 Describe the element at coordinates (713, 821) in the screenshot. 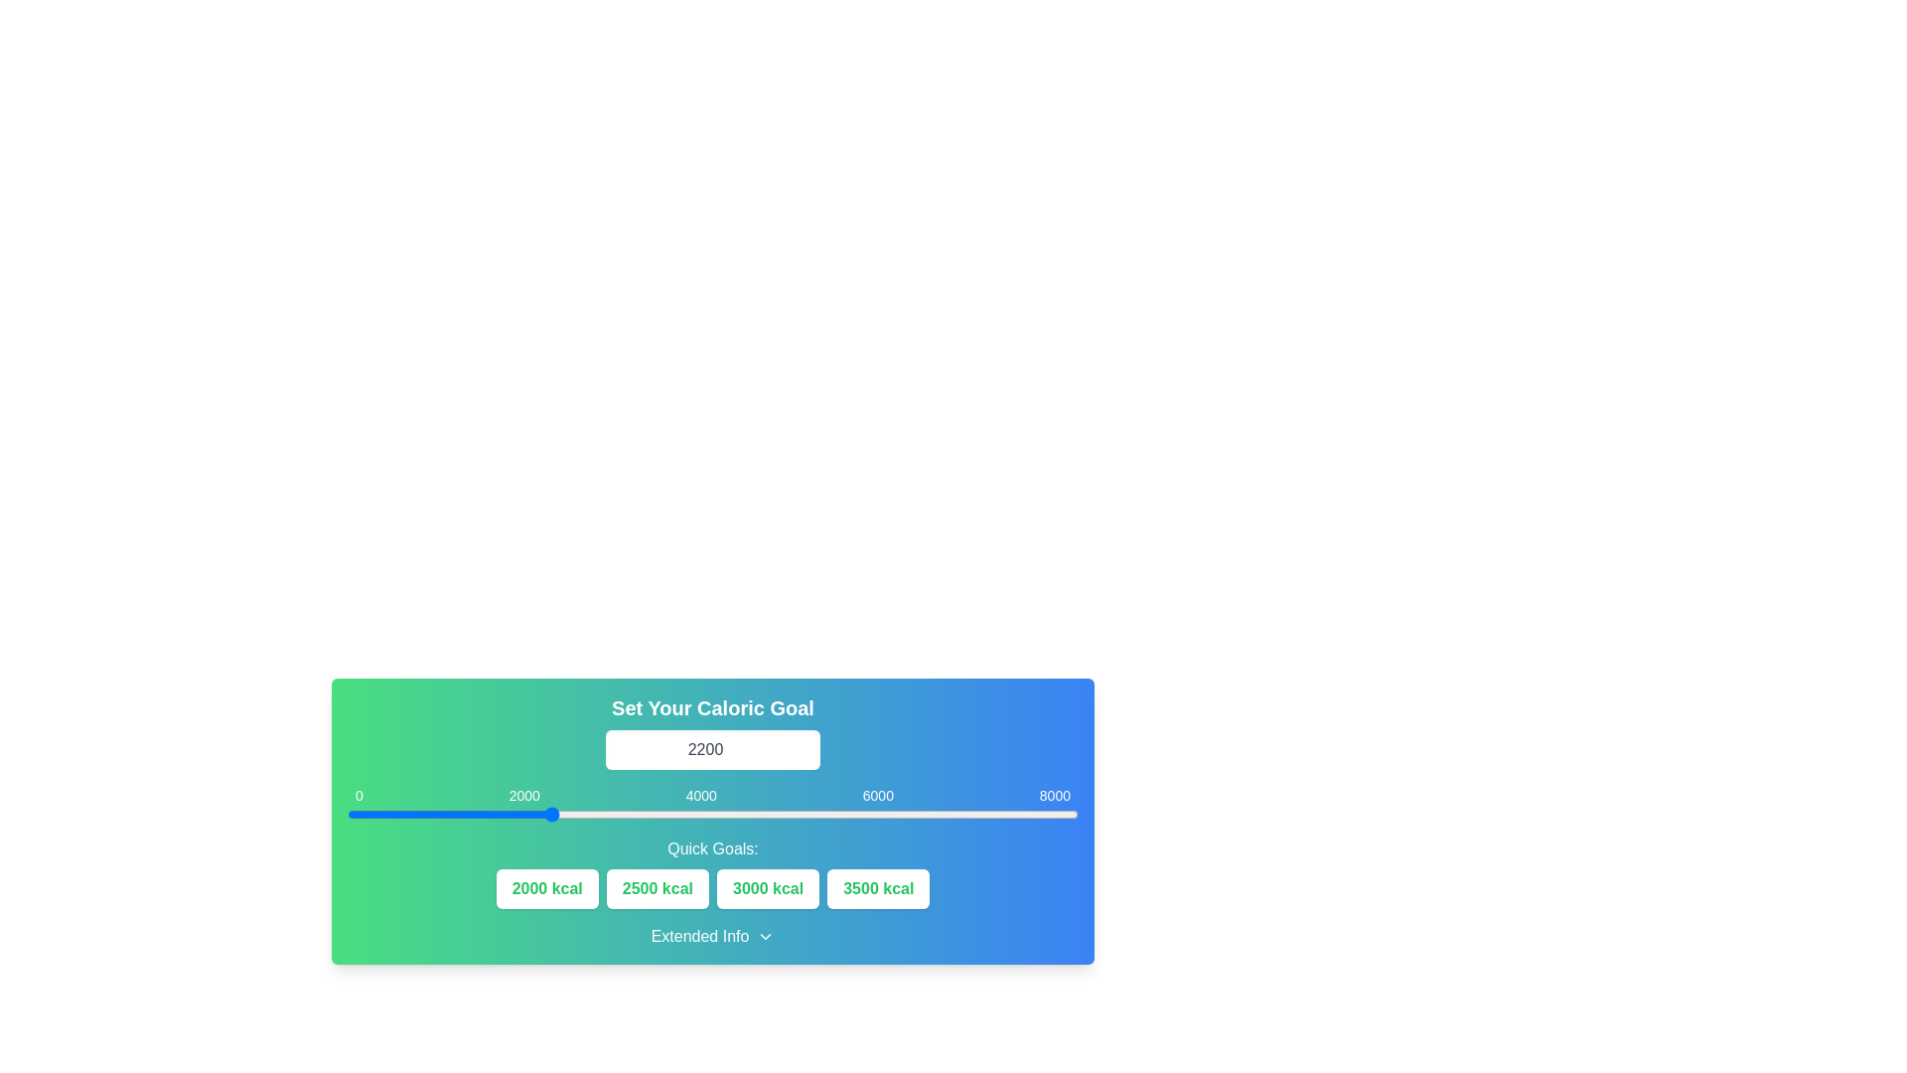

I see `the Interactive and Display Panel titled 'Set Your Caloric Goal' for interactive feedback` at that location.